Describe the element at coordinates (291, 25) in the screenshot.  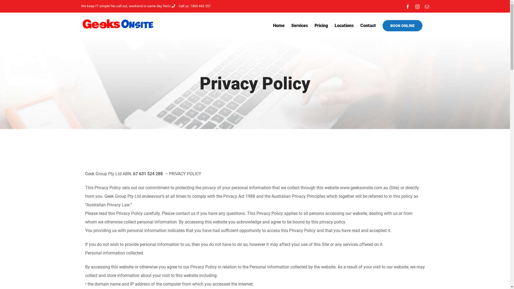
I see `'Services'` at that location.